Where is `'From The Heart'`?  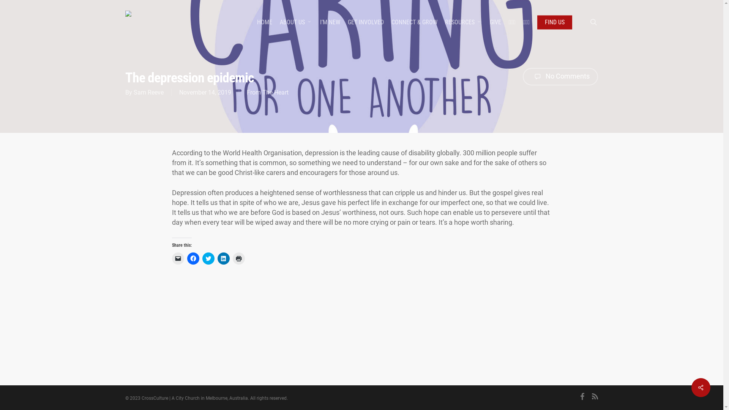 'From The Heart' is located at coordinates (268, 92).